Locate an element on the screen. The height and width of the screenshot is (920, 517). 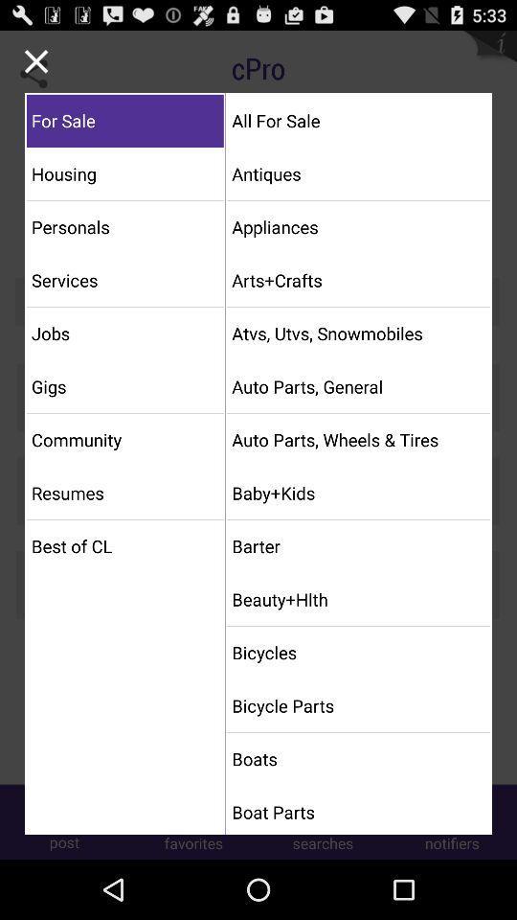
the icon below antiques icon is located at coordinates (358, 227).